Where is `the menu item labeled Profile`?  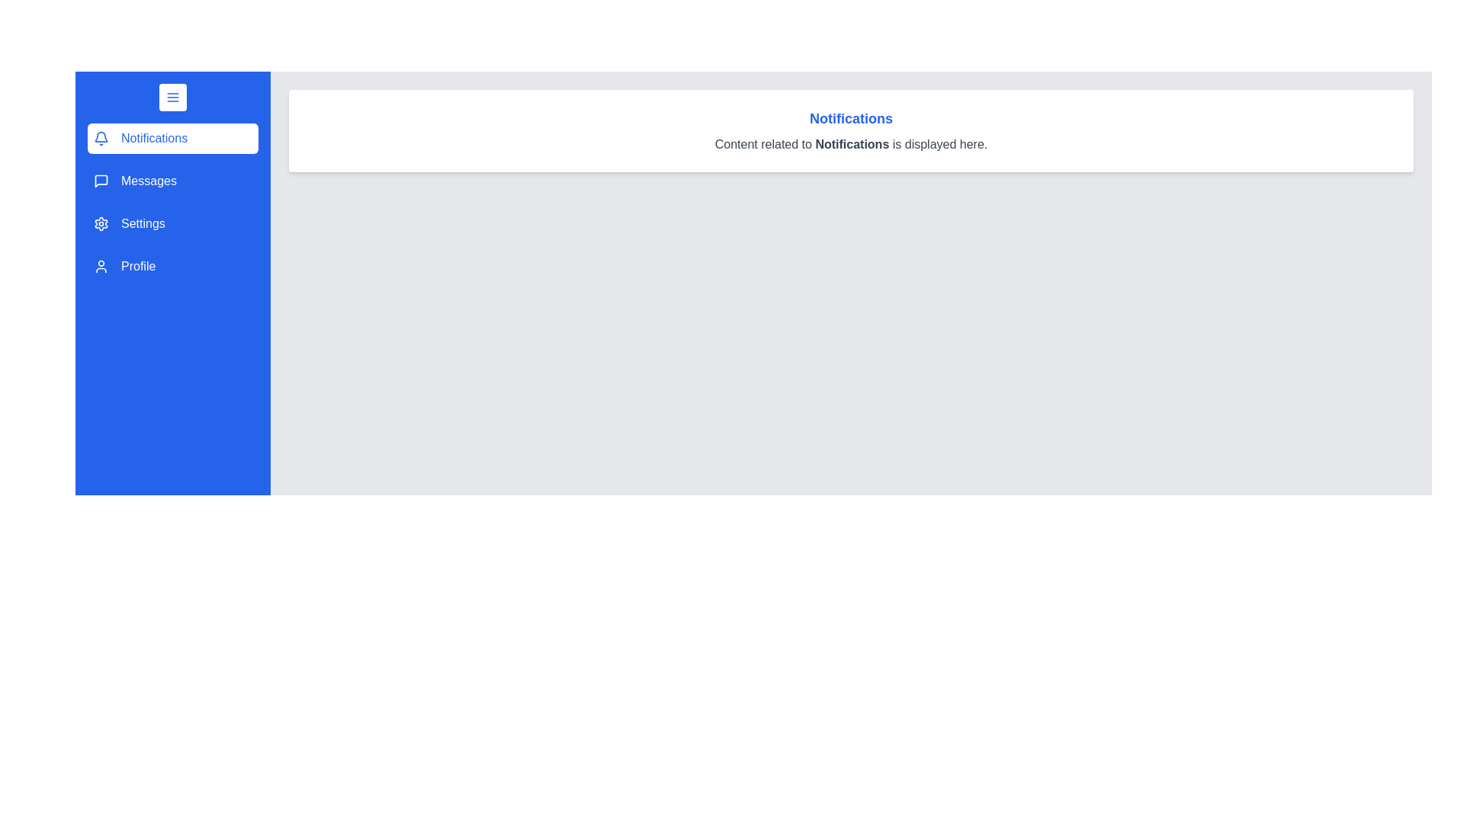 the menu item labeled Profile is located at coordinates (172, 266).